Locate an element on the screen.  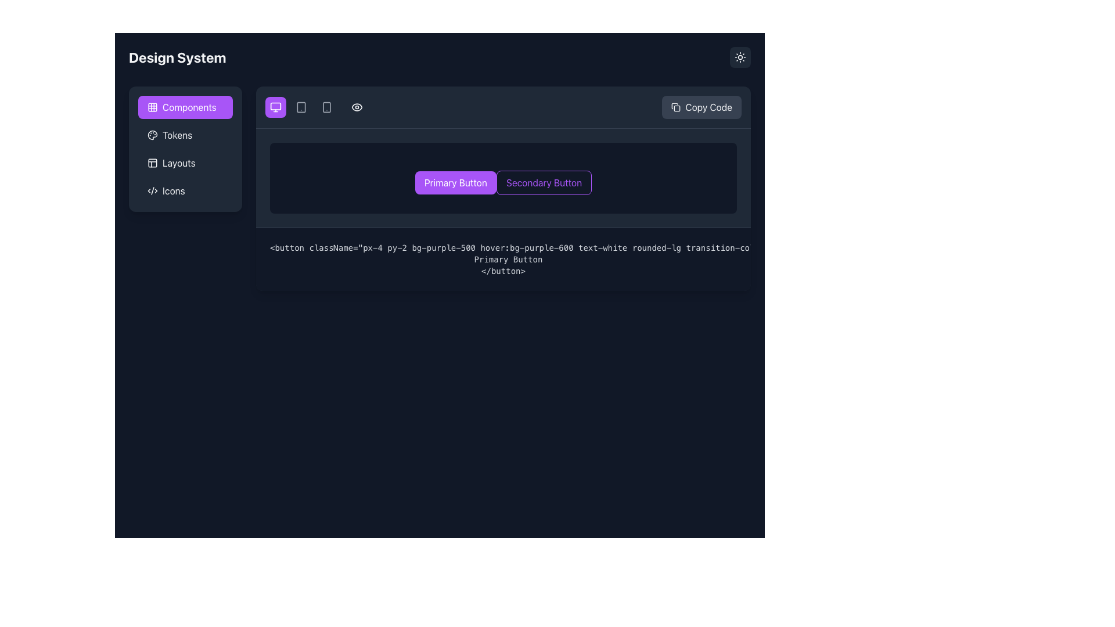
the visual marker indicator located in the center of the horizontal toolbar at the top of the panel, which represents a specific state or selection among other graphical elements is located at coordinates (316, 107).